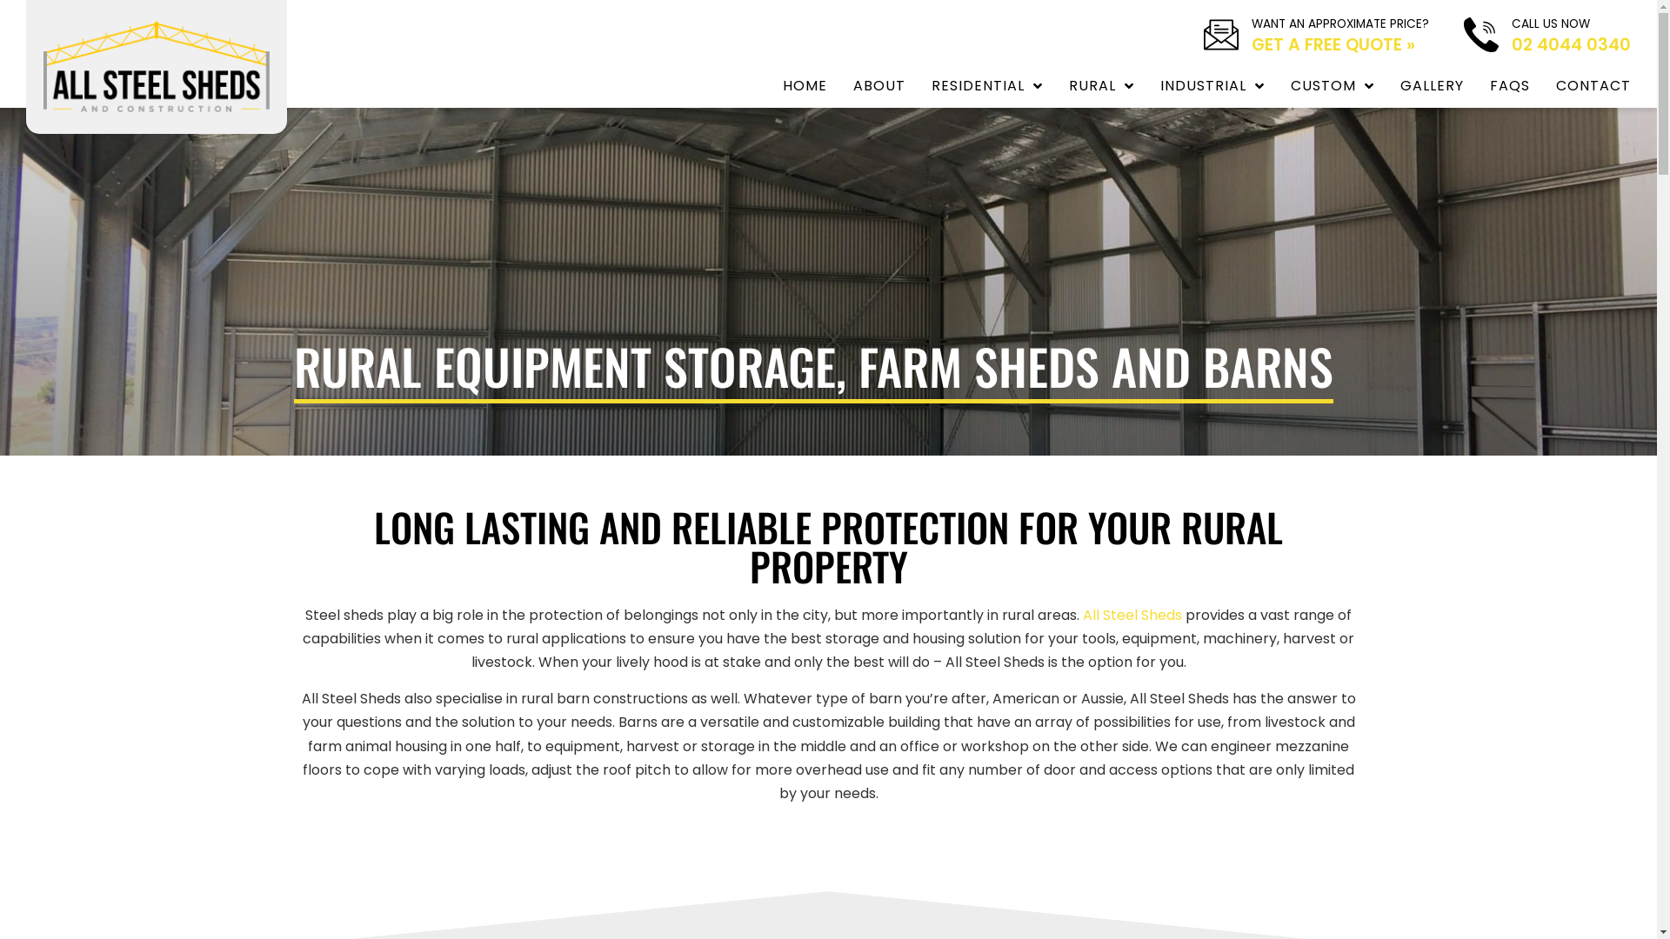 The height and width of the screenshot is (939, 1670). What do you see at coordinates (1081, 614) in the screenshot?
I see `'All Steel Sheds'` at bounding box center [1081, 614].